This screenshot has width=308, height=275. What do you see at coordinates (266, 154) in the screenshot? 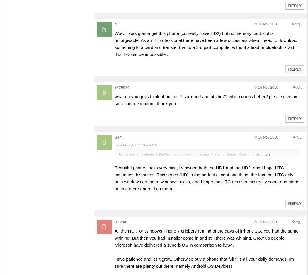
I see `'more'` at bounding box center [266, 154].